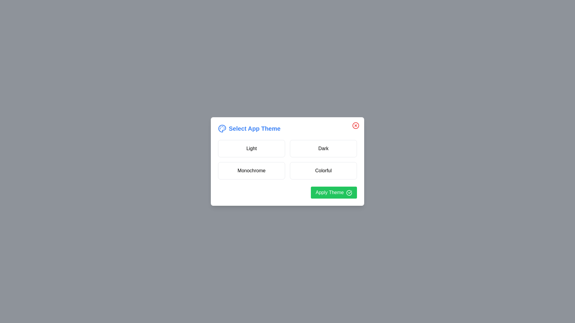  Describe the element at coordinates (252, 170) in the screenshot. I see `the theme Monochrome by clicking on its corresponding button` at that location.